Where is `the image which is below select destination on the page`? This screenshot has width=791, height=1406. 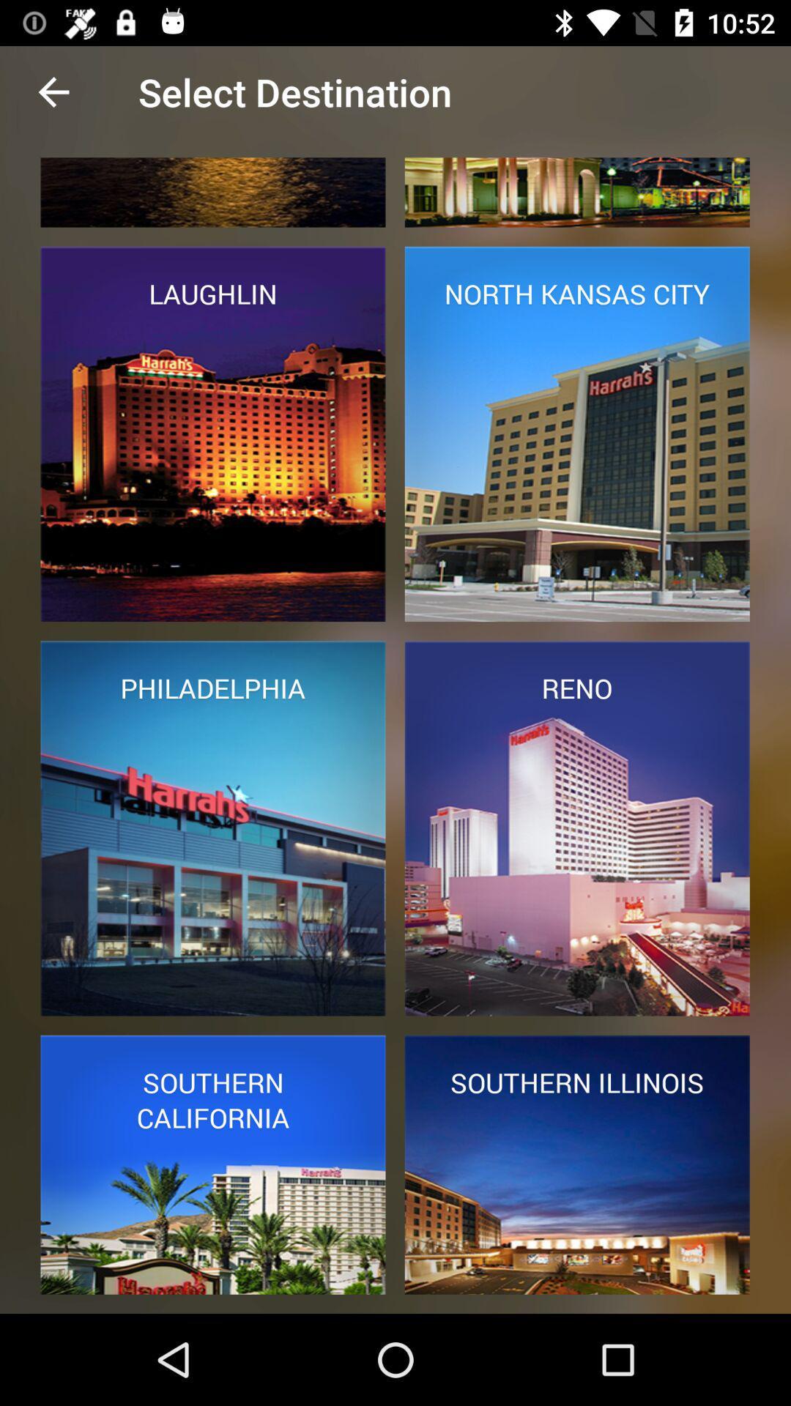
the image which is below select destination on the page is located at coordinates (213, 192).